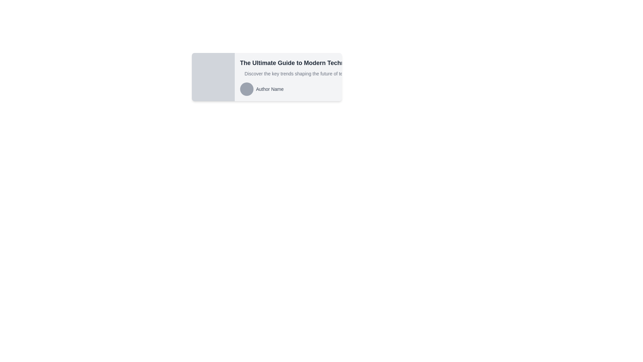 The width and height of the screenshot is (643, 362). What do you see at coordinates (314, 63) in the screenshot?
I see `the text label displaying 'The Ultimate Guide to Modern Technology', which is positioned at the top of the card layout above the summary and author details` at bounding box center [314, 63].